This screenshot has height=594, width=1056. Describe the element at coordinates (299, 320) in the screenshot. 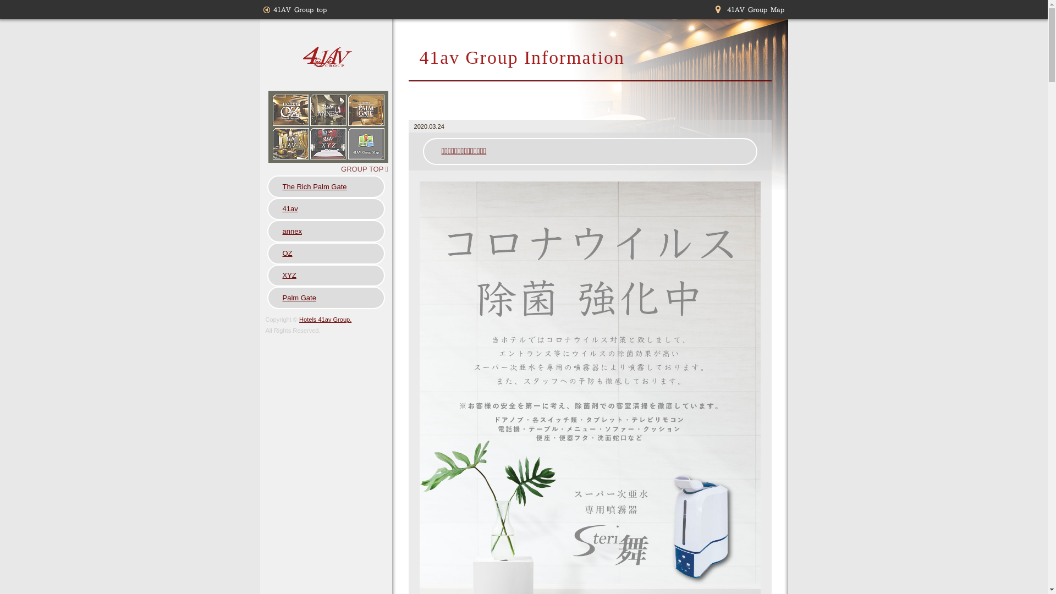

I see `'Hotels 41av Group.'` at that location.